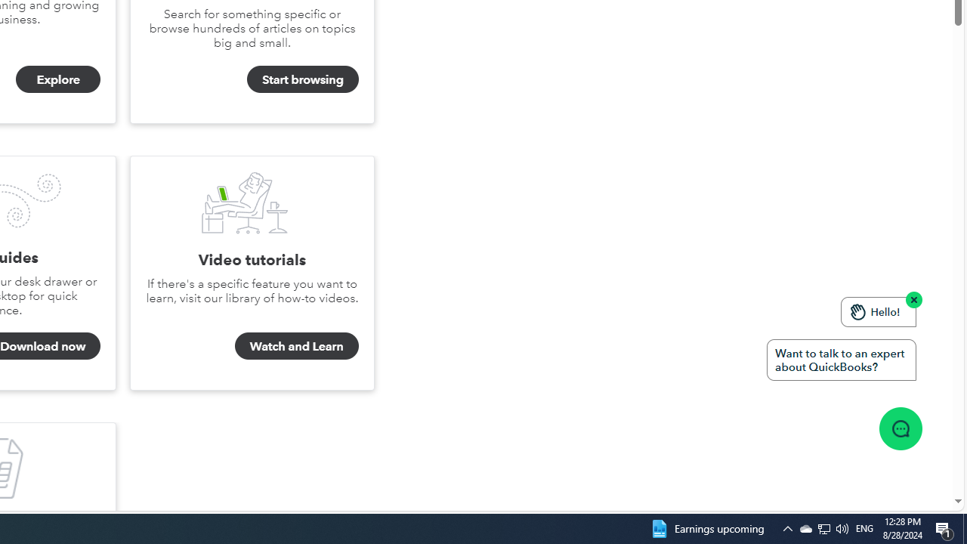 This screenshot has width=967, height=544. I want to click on 'Watch and Learn', so click(296, 345).